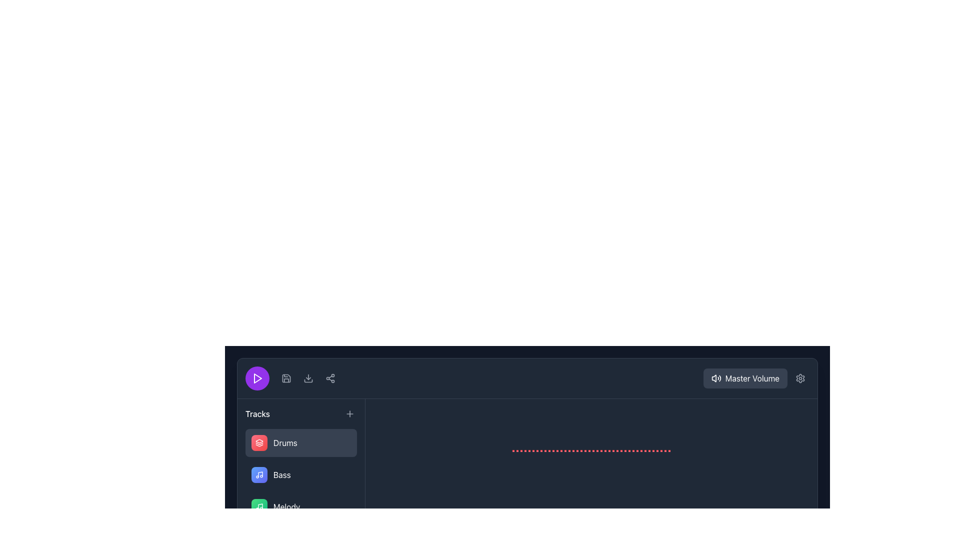  I want to click on the save button located just to the right of the purple play button, which is the first in a sequence of three buttons used for saving data in the application, so click(285, 378).